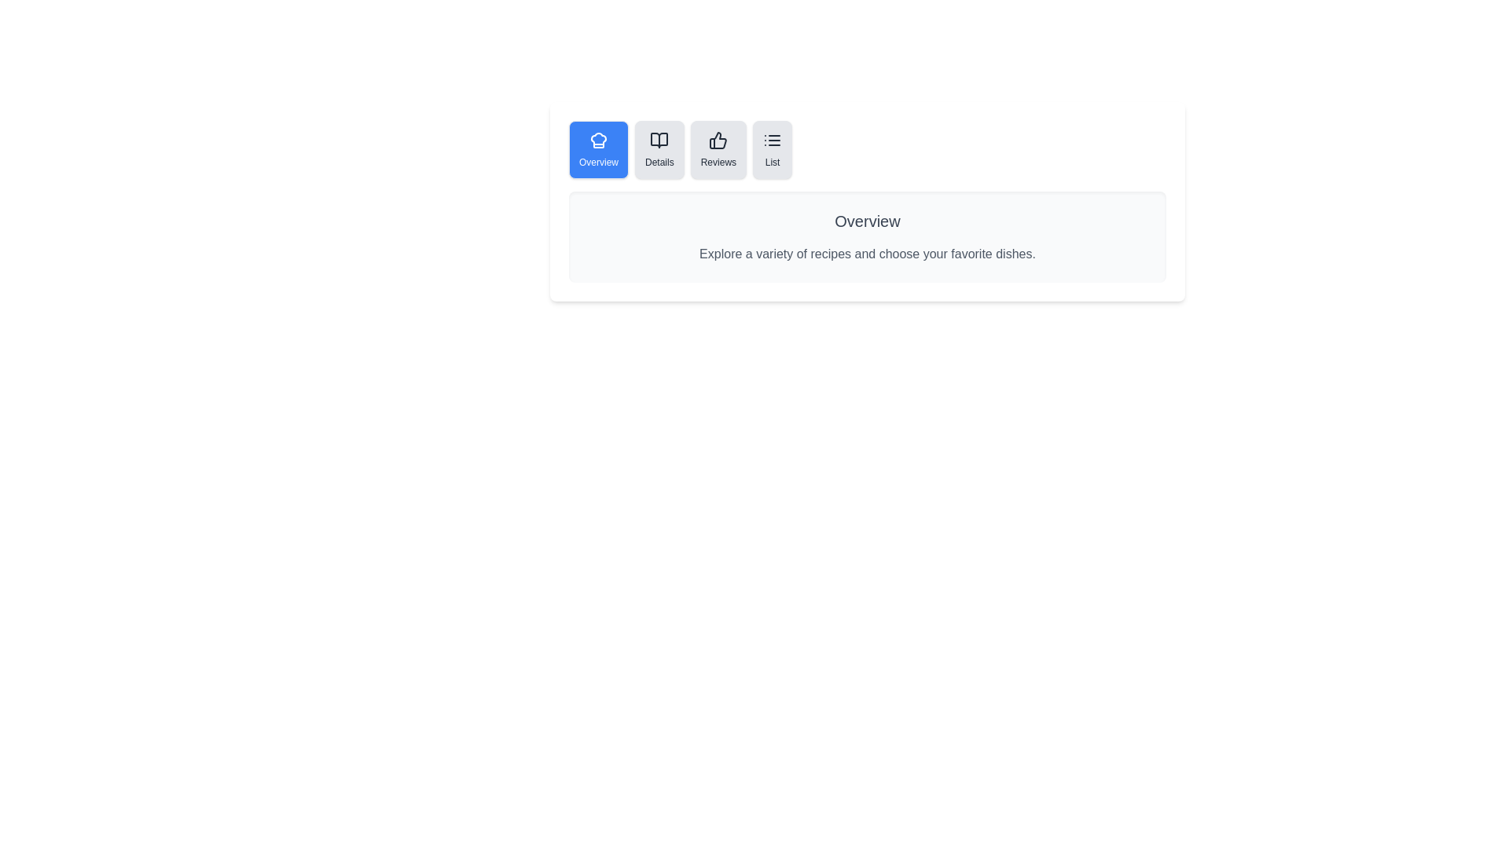 The width and height of the screenshot is (1509, 848). I want to click on the Details tab by clicking its button, so click(659, 150).